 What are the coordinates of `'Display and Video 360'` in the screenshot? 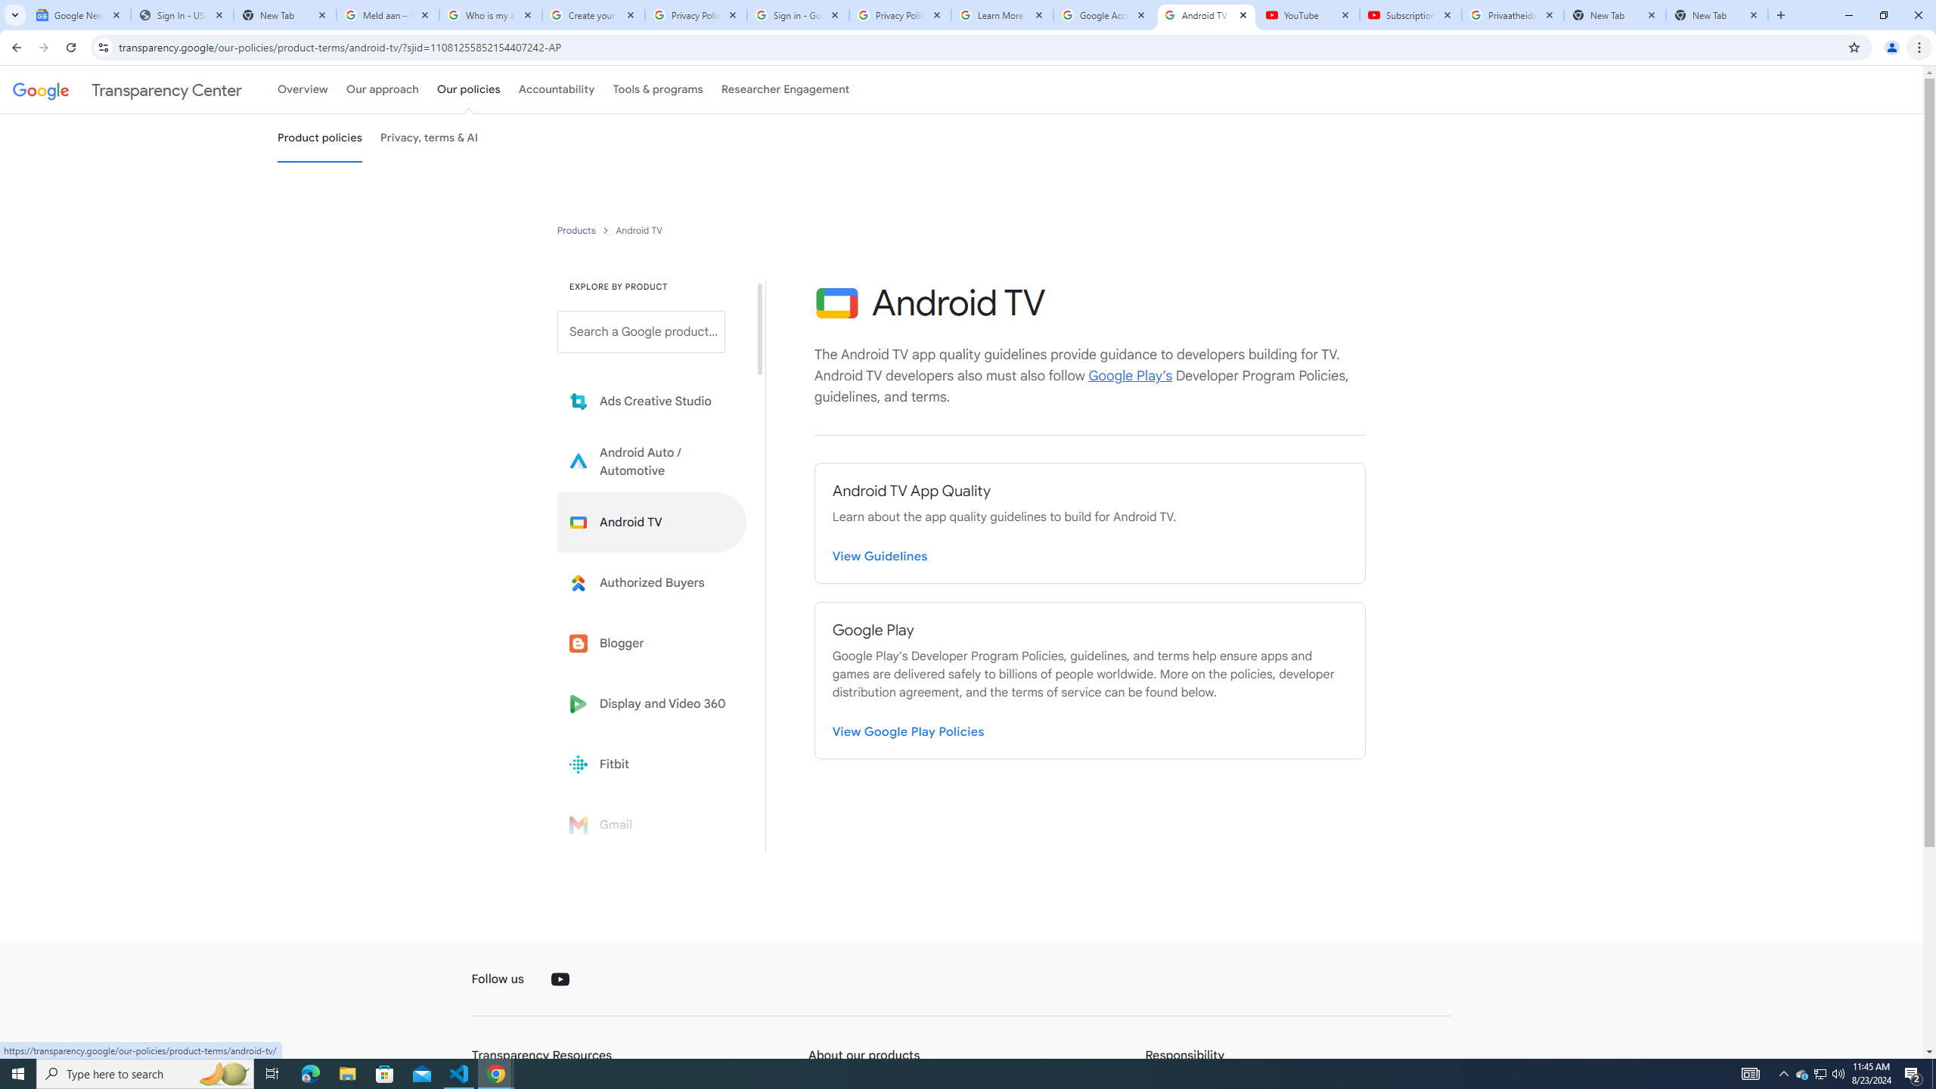 It's located at (651, 703).